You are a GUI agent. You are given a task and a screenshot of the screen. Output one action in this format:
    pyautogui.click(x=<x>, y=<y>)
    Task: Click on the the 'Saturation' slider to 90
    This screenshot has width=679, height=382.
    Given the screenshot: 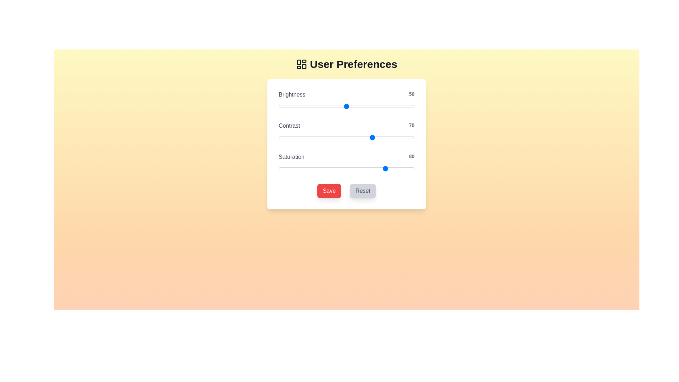 What is the action you would take?
    pyautogui.click(x=401, y=169)
    